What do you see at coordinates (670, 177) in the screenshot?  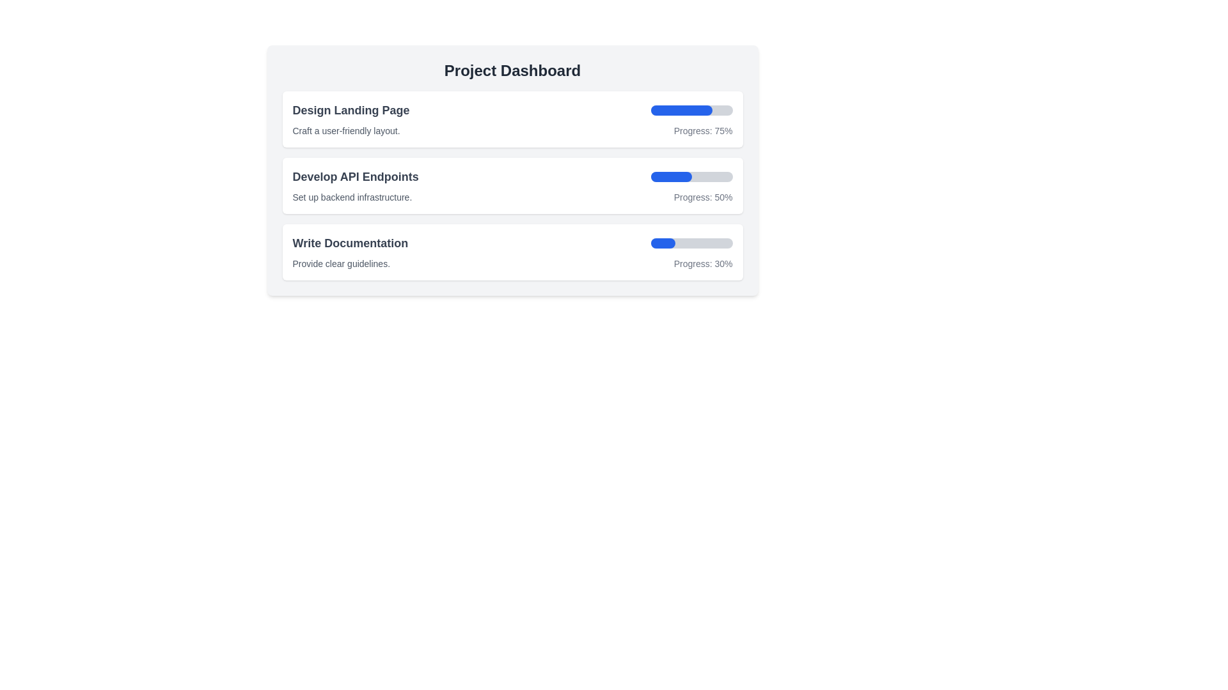 I see `the blue rectangular Progress Indicator that is filled approximately halfway, located in the middle row under the title 'Develop API Endpoints'` at bounding box center [670, 177].